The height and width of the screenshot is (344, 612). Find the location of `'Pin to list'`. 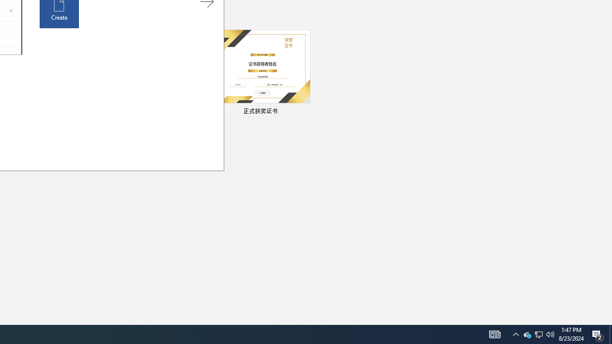

'Pin to list' is located at coordinates (304, 112).